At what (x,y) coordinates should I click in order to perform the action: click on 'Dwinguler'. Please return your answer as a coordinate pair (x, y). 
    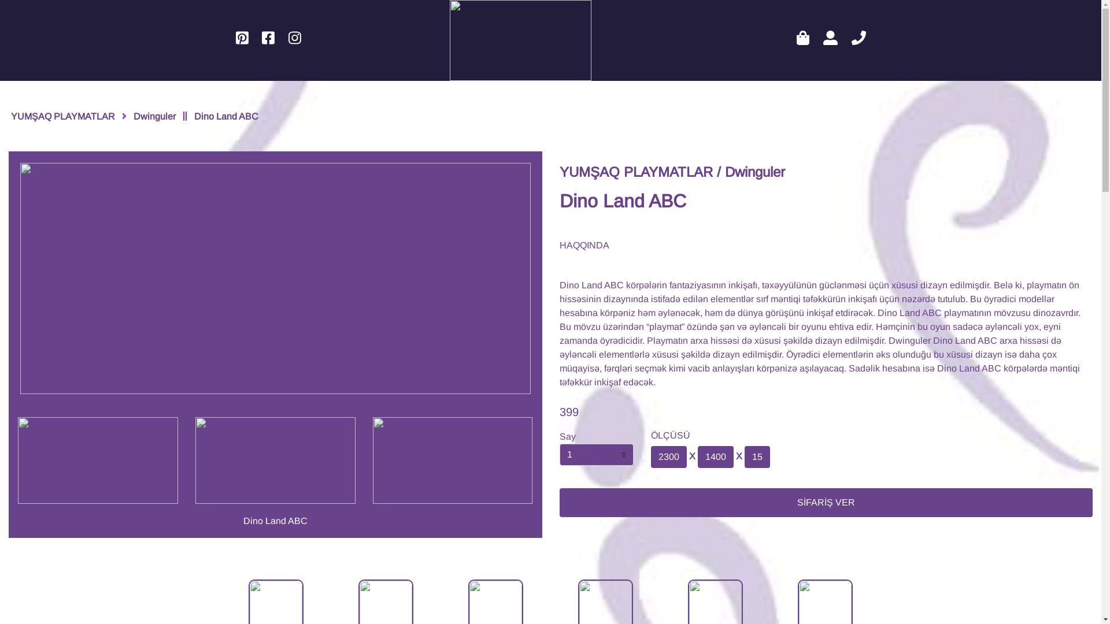
    Looking at the image, I should click on (154, 102).